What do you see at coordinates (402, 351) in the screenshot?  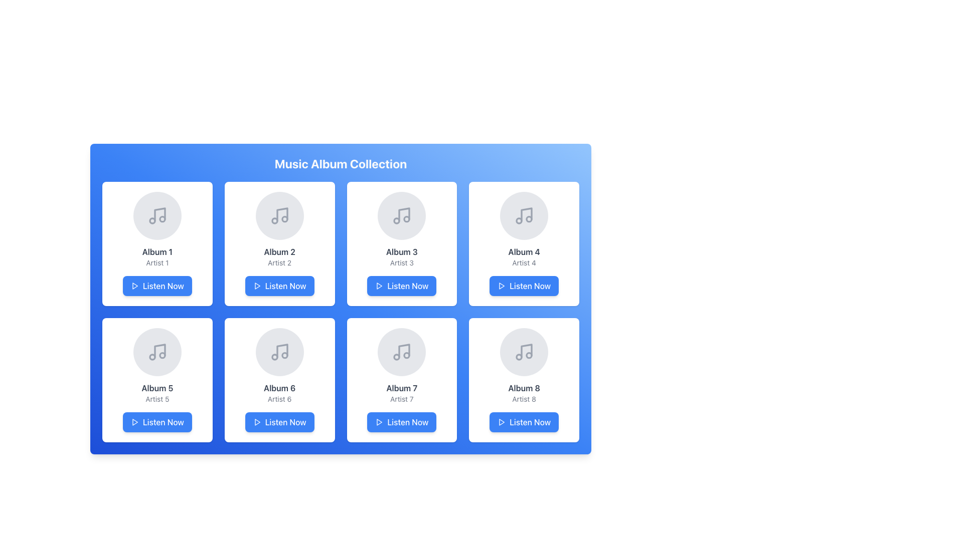 I see `the circular visual element with a music note icon located in the 'Album 7, Artist 7' album card, positioned above the album details` at bounding box center [402, 351].